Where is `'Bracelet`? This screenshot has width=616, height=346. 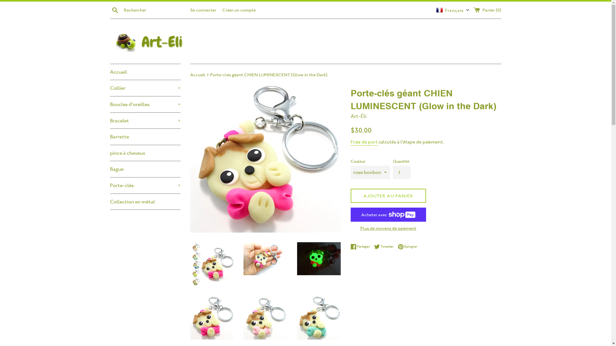
'Bracelet is located at coordinates (144, 121).